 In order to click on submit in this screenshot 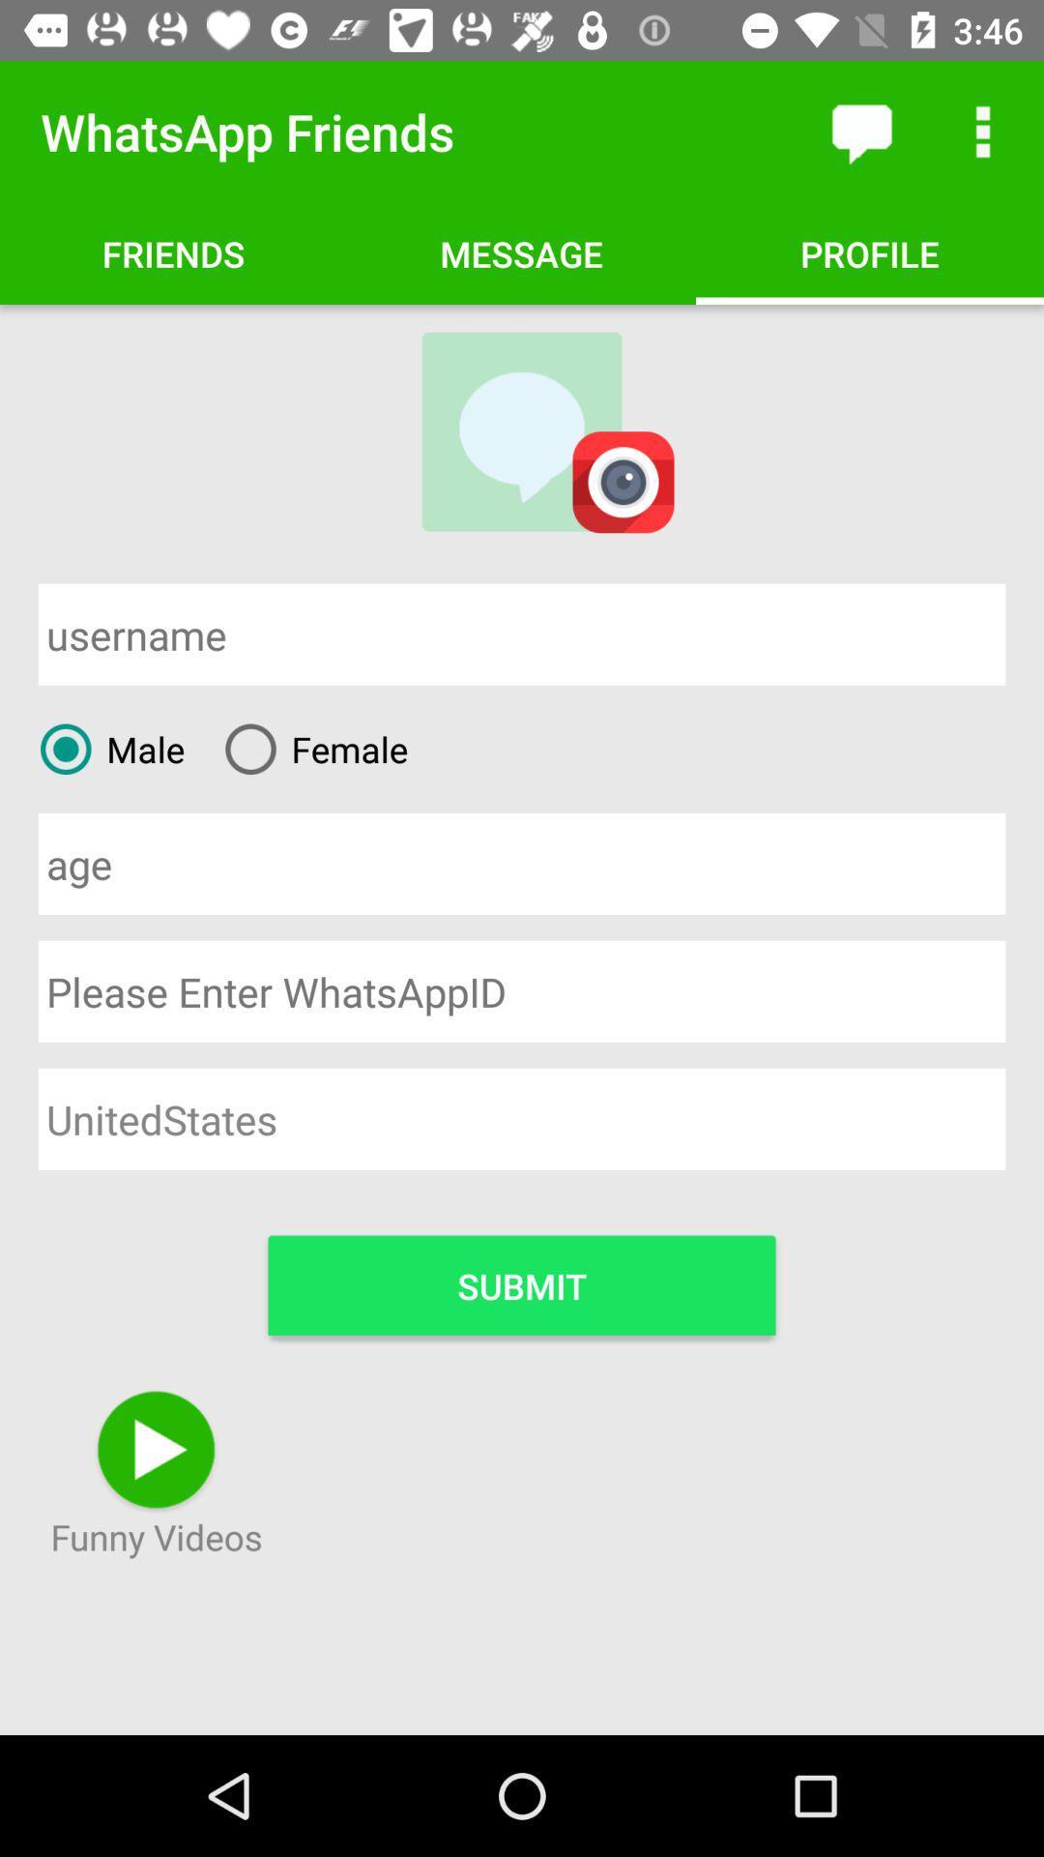, I will do `click(522, 1284)`.